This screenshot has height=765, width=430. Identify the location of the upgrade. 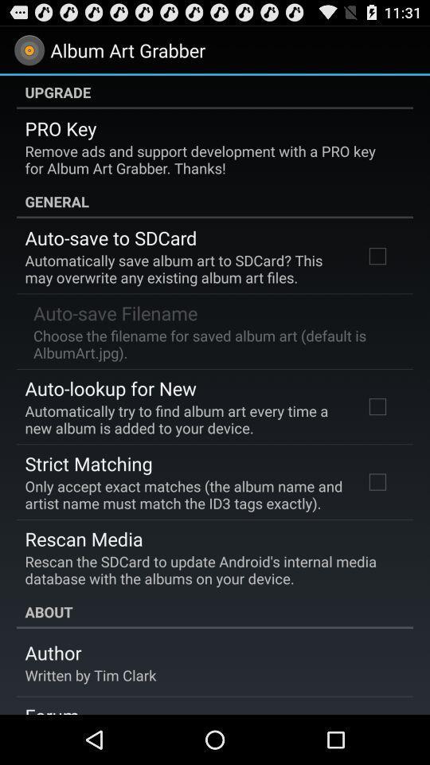
(215, 92).